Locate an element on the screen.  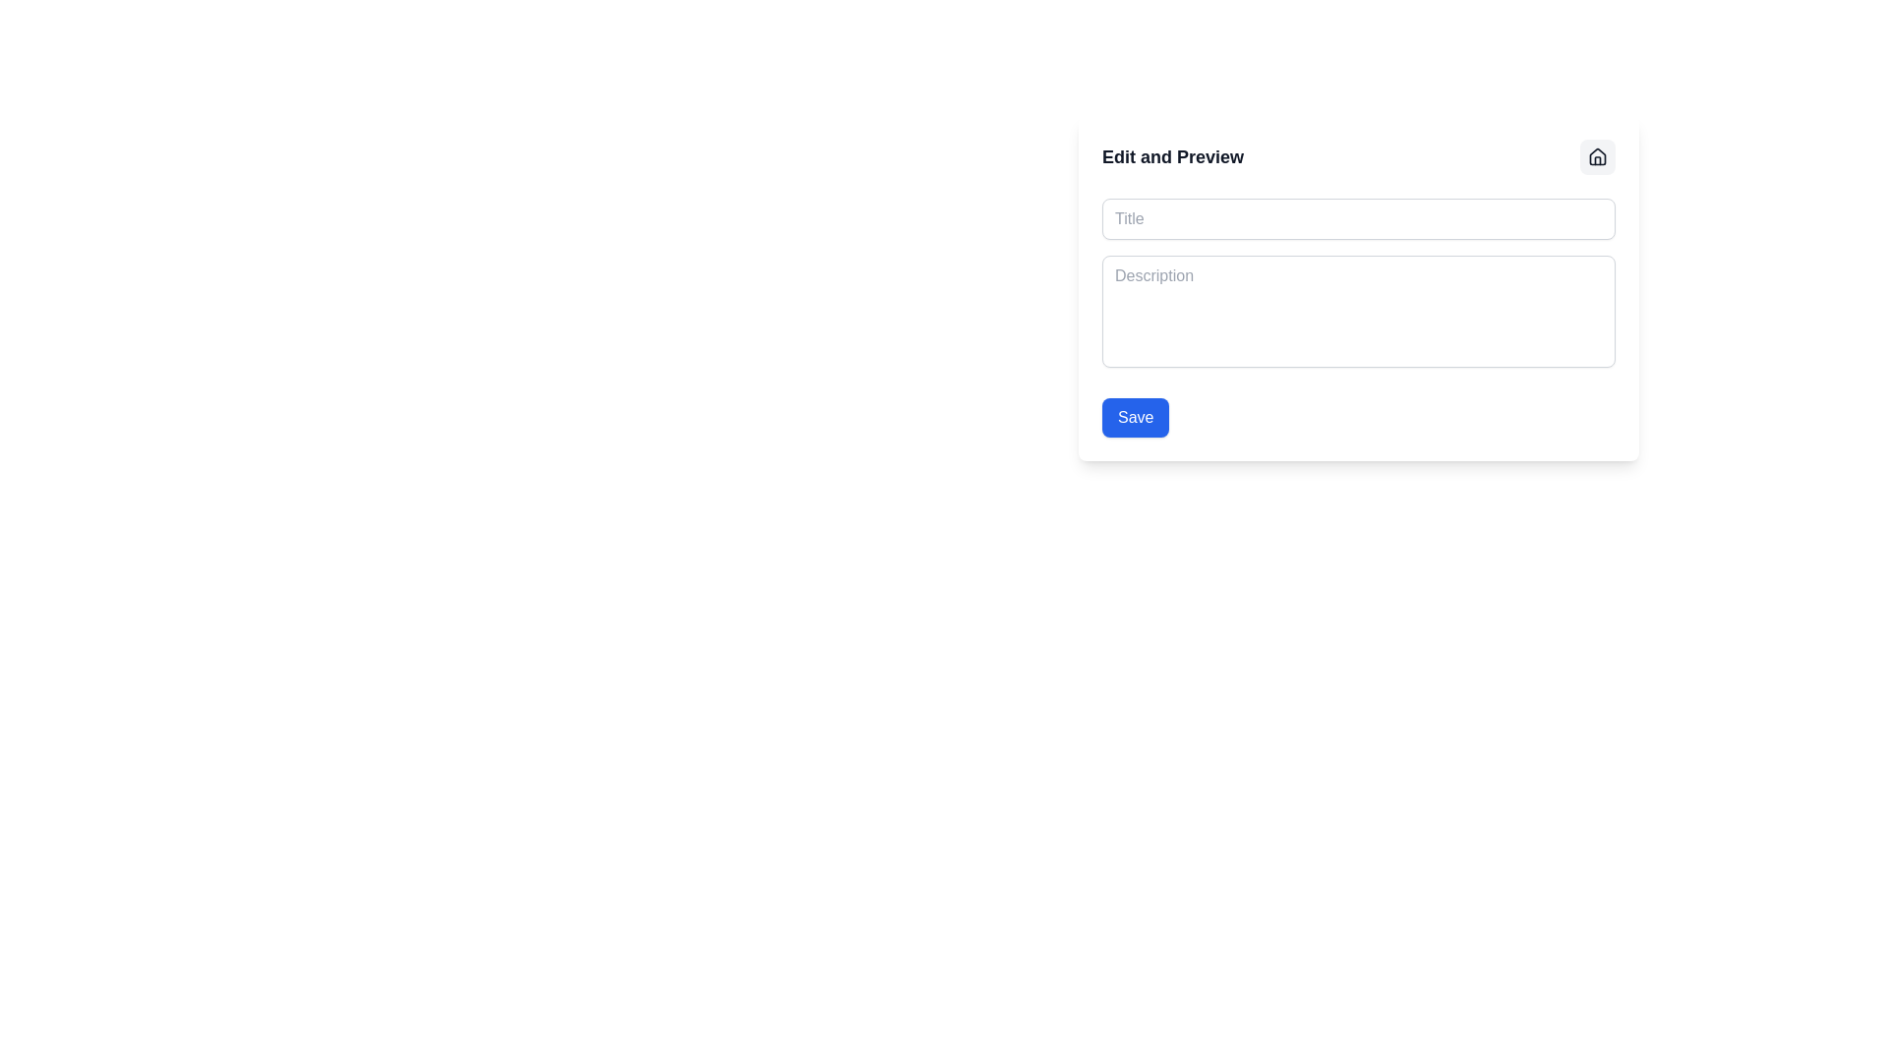
the home icon SVG graphic located at the top right corner of the user interface is located at coordinates (1598, 154).